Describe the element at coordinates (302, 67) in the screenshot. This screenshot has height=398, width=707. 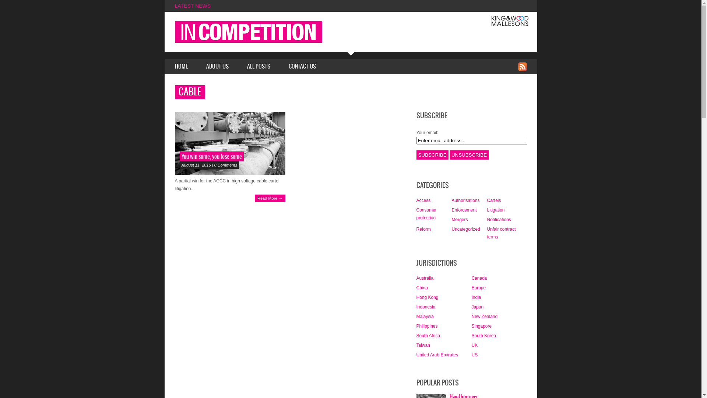
I see `'CONTACT US'` at that location.